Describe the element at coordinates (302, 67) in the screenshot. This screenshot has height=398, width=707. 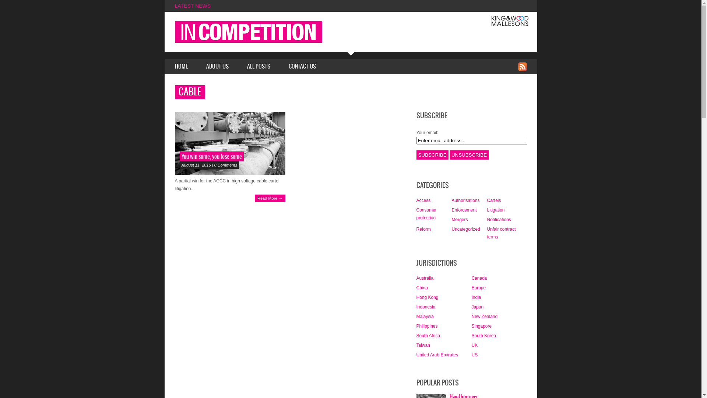
I see `'CONTACT US'` at that location.